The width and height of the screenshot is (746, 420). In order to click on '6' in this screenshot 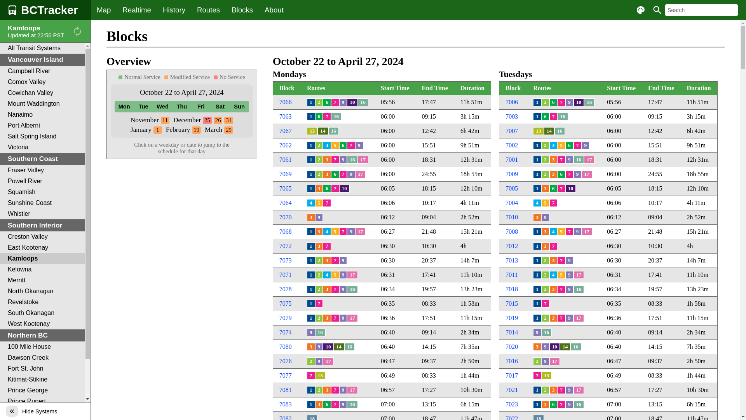, I will do `click(553, 189)`.